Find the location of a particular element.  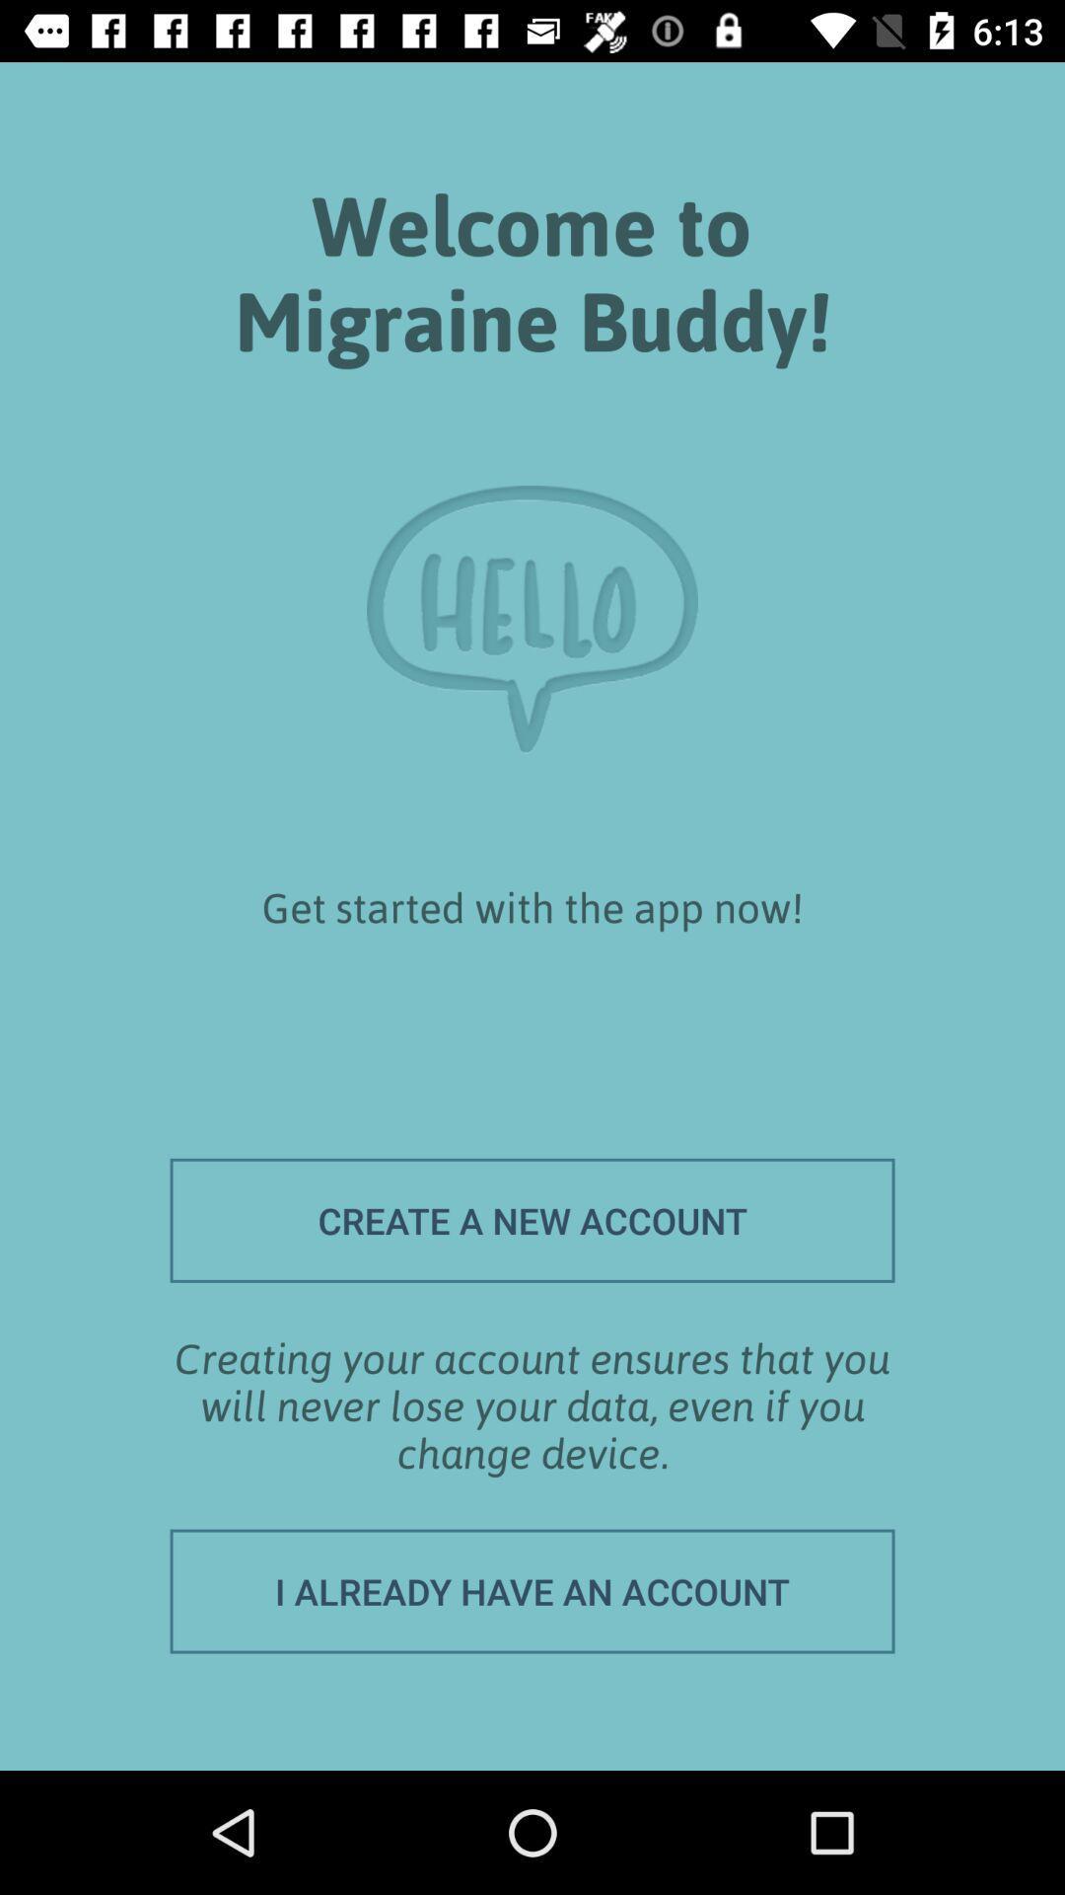

the create a new item is located at coordinates (532, 1219).